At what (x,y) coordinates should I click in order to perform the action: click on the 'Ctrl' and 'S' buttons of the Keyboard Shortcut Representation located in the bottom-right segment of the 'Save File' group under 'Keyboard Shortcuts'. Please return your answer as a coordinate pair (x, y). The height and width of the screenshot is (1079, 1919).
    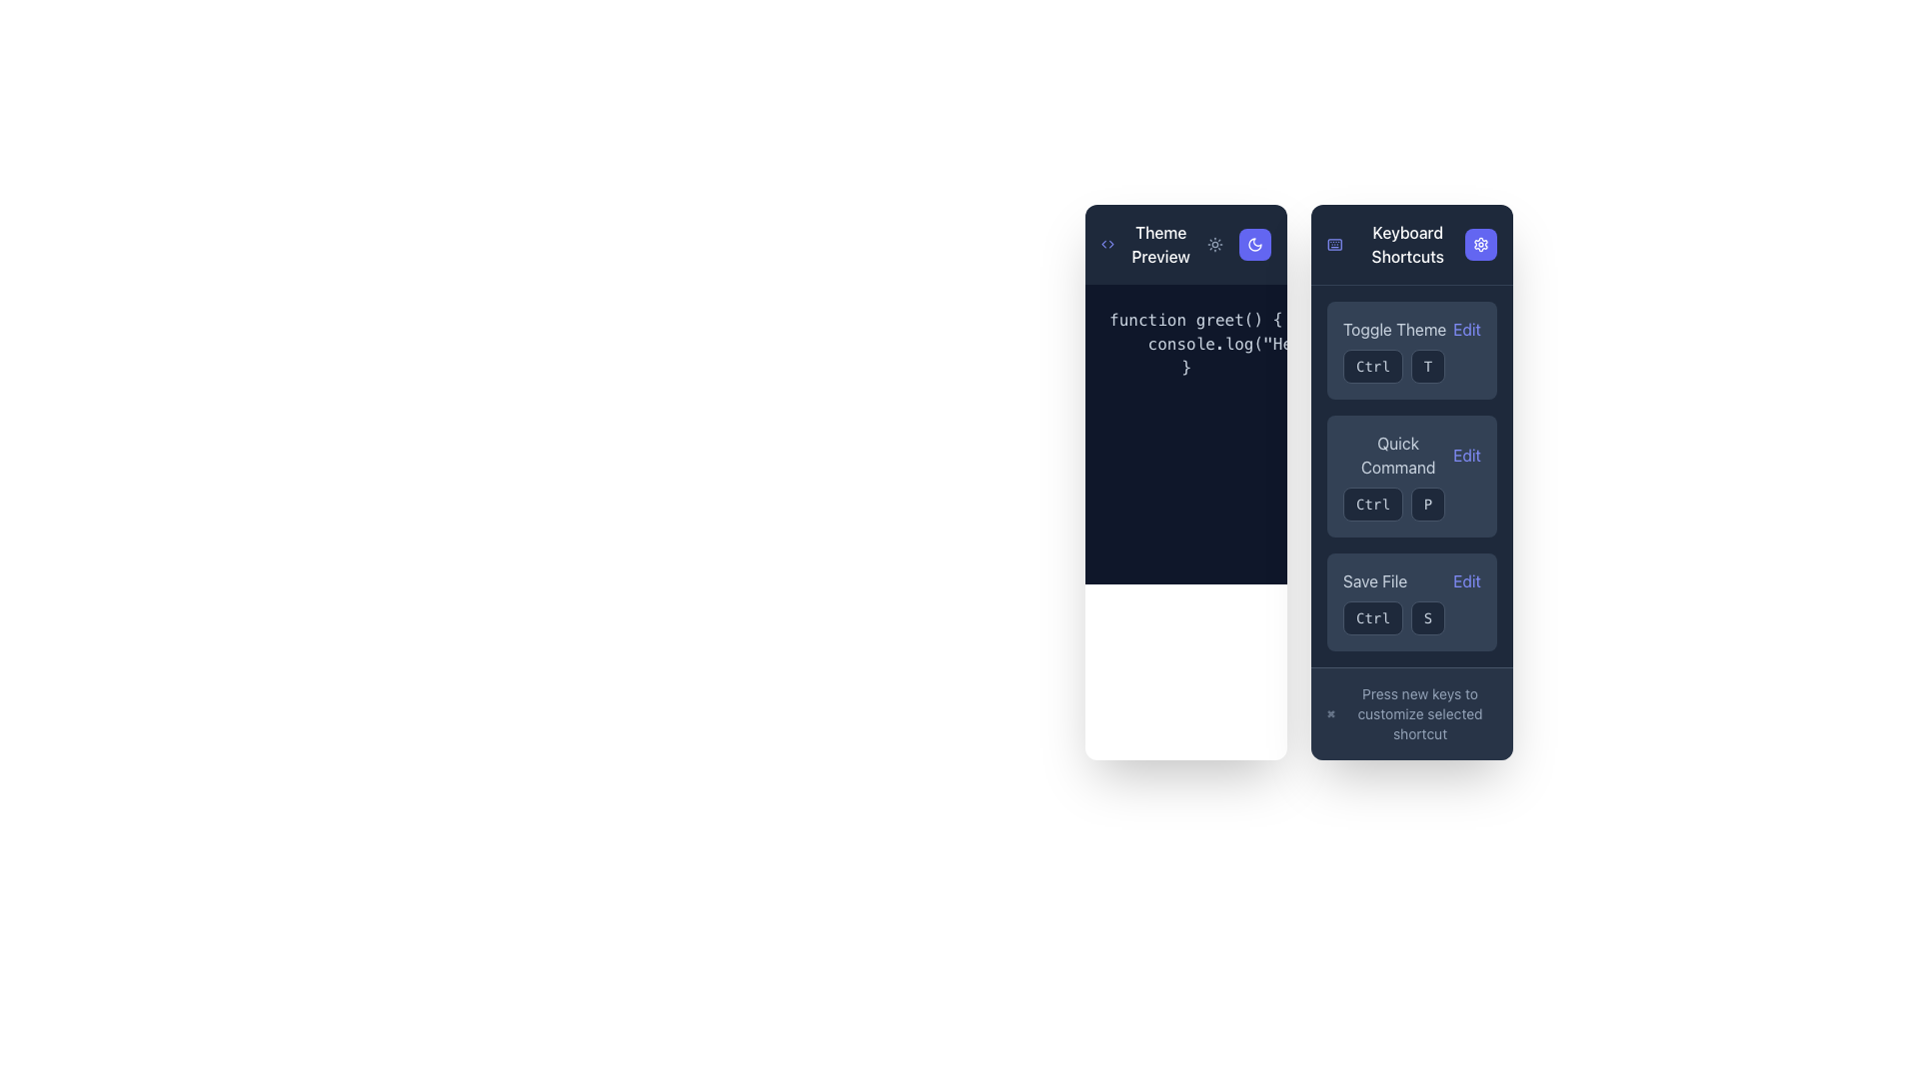
    Looking at the image, I should click on (1410, 616).